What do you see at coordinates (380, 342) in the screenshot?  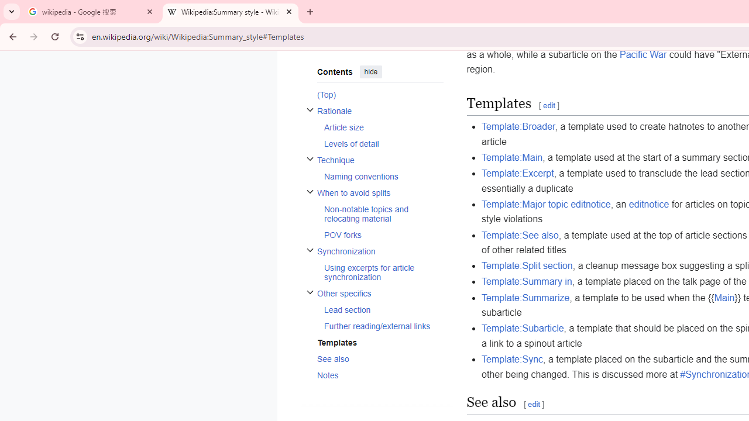 I see `'Templates'` at bounding box center [380, 342].